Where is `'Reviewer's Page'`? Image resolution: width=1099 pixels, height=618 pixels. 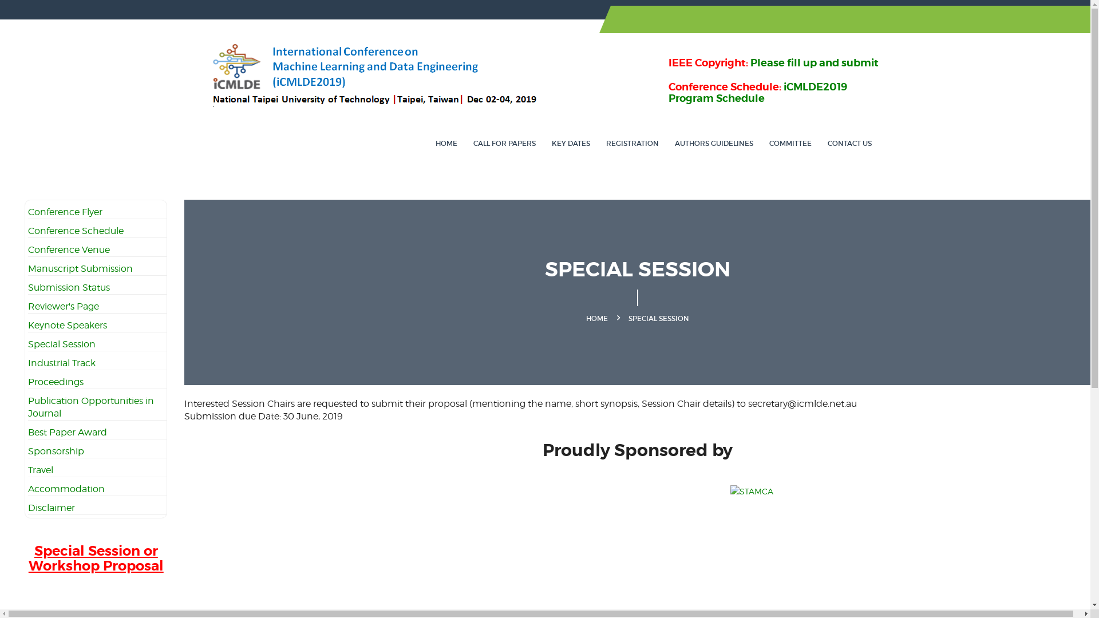
'Reviewer's Page' is located at coordinates (62, 306).